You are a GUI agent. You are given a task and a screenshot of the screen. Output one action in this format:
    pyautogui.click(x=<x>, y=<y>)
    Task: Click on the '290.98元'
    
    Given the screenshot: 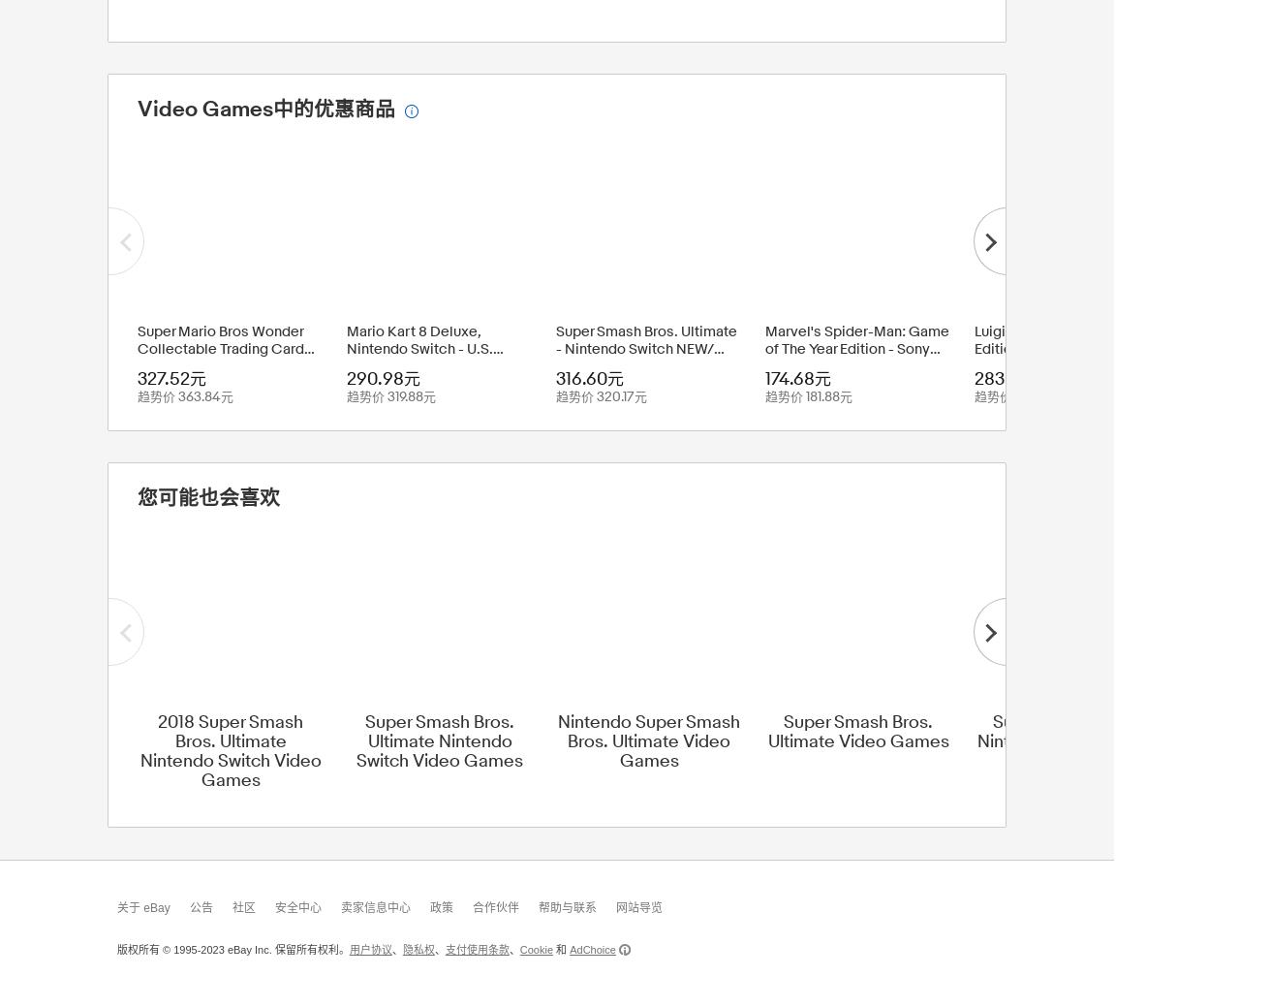 What is the action you would take?
    pyautogui.click(x=347, y=377)
    